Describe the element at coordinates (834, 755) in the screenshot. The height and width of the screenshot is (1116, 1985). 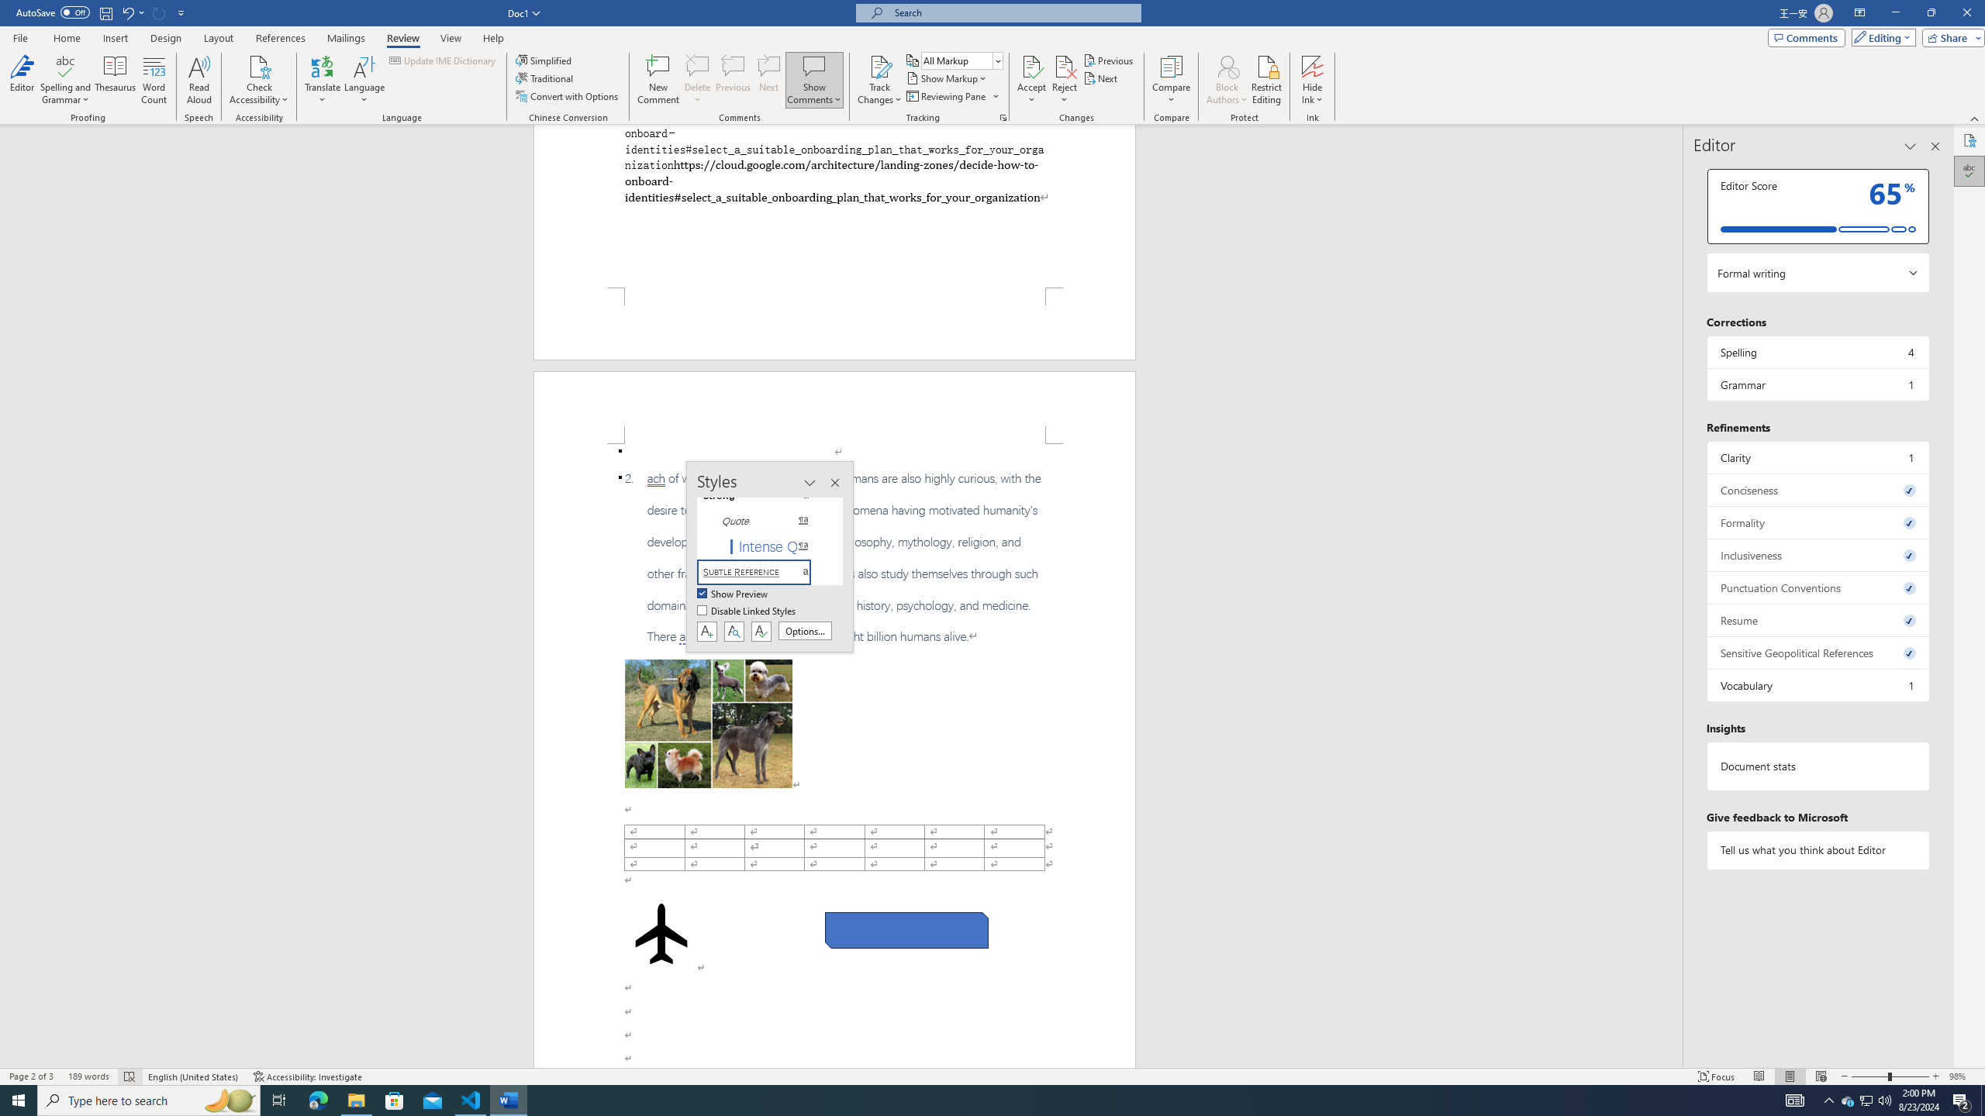
I see `'Page 2 content'` at that location.